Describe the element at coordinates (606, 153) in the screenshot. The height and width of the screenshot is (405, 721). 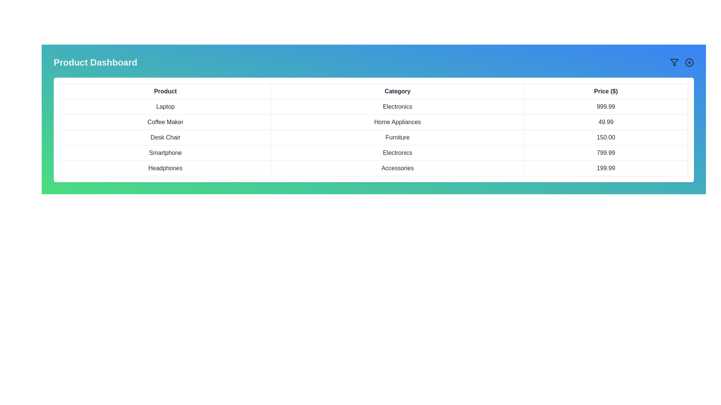
I see `value displayed in the static text element located in the 'Price ($)' column of the fourth row, which shows '799.99'` at that location.